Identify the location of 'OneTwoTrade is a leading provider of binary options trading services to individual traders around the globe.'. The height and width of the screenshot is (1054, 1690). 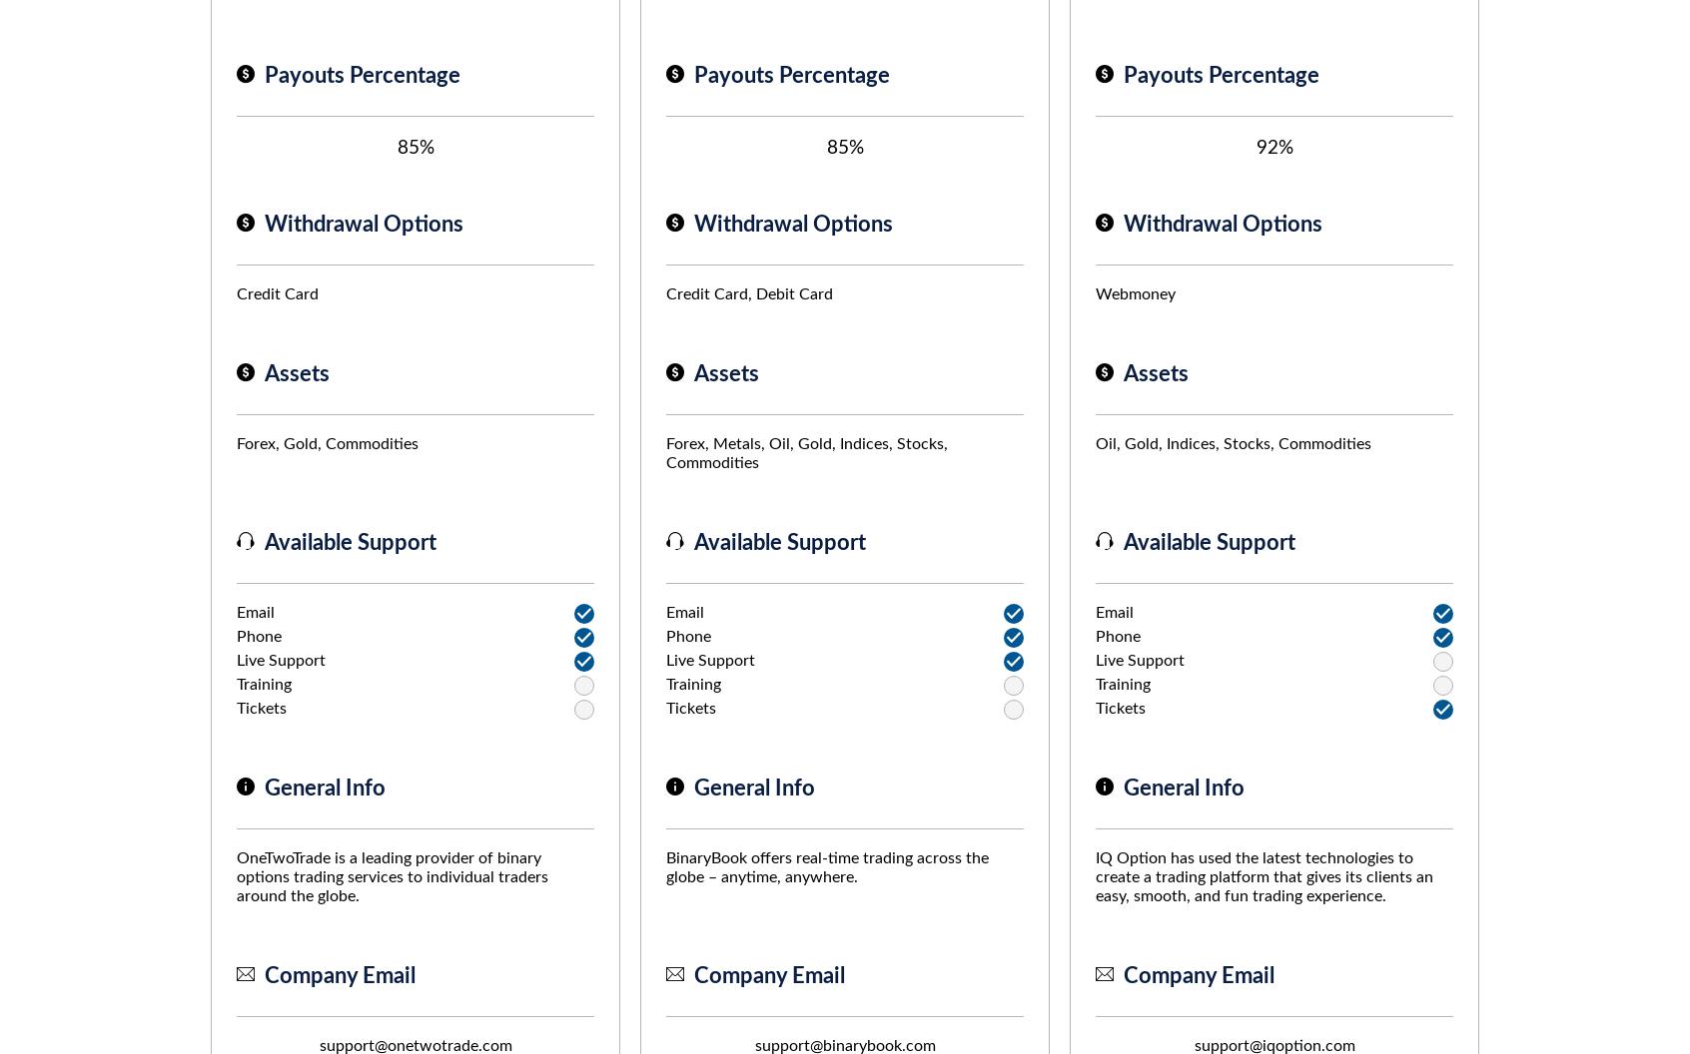
(393, 876).